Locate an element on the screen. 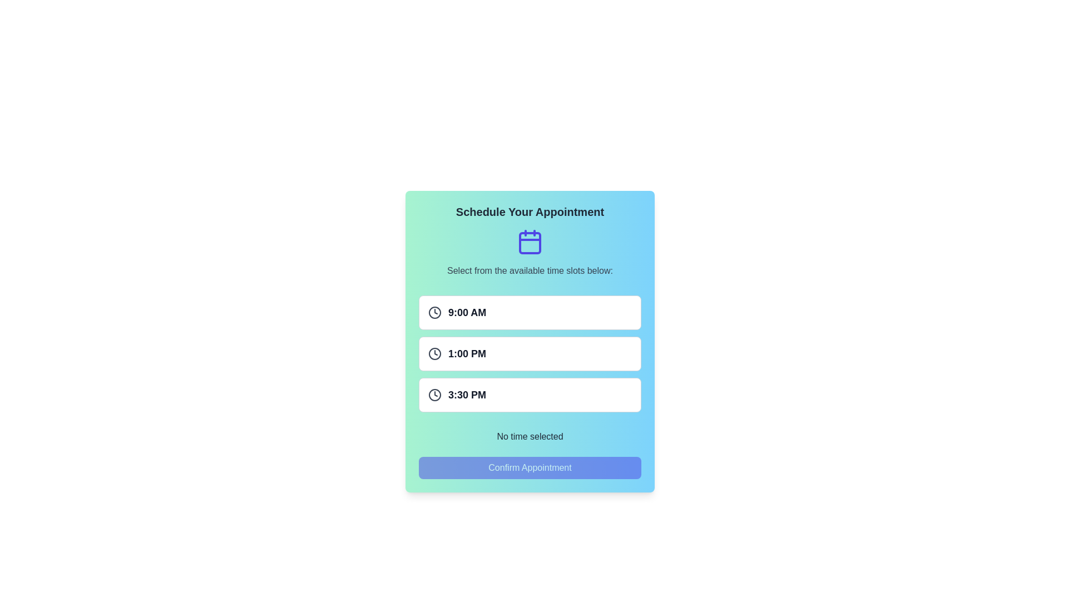  the text label indicating the time slot '1:00 PM', which is located between the '9:00 AM' and '3:30 PM' time slots in the vertically arranged time slot list is located at coordinates (467, 354).